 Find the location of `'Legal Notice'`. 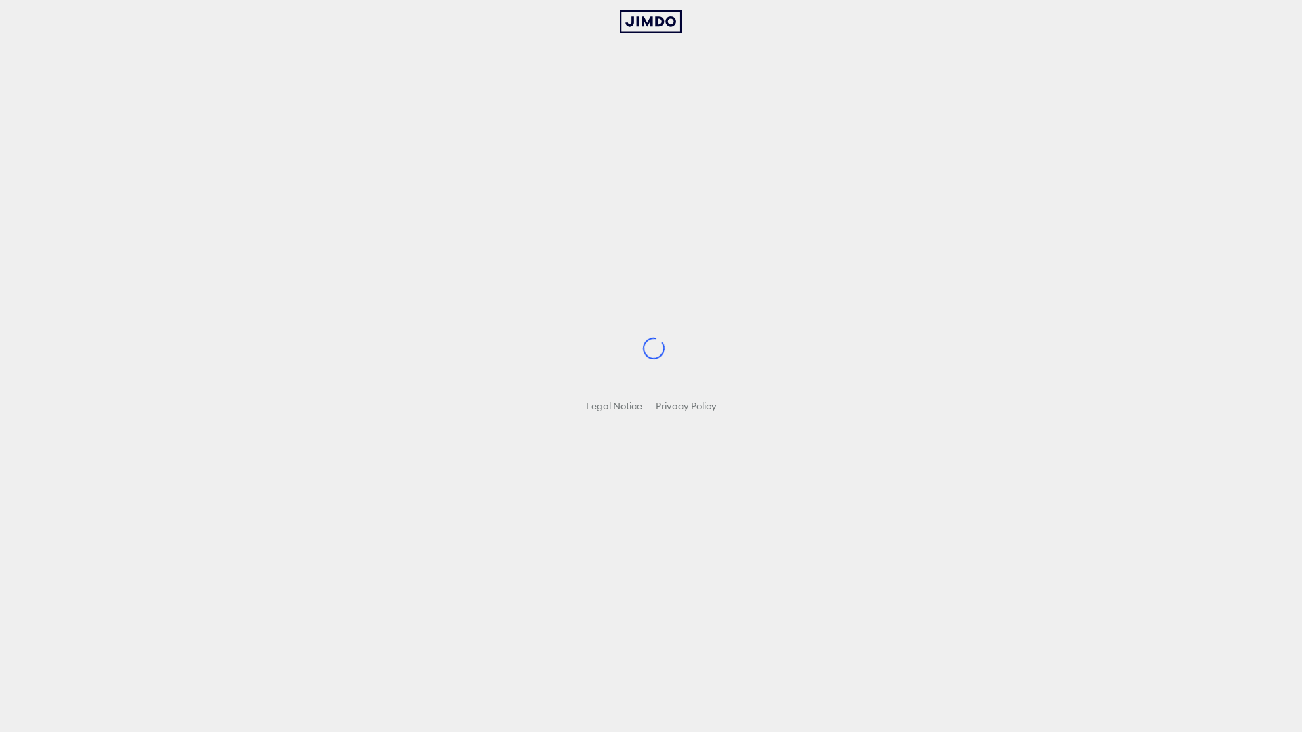

'Legal Notice' is located at coordinates (613, 405).